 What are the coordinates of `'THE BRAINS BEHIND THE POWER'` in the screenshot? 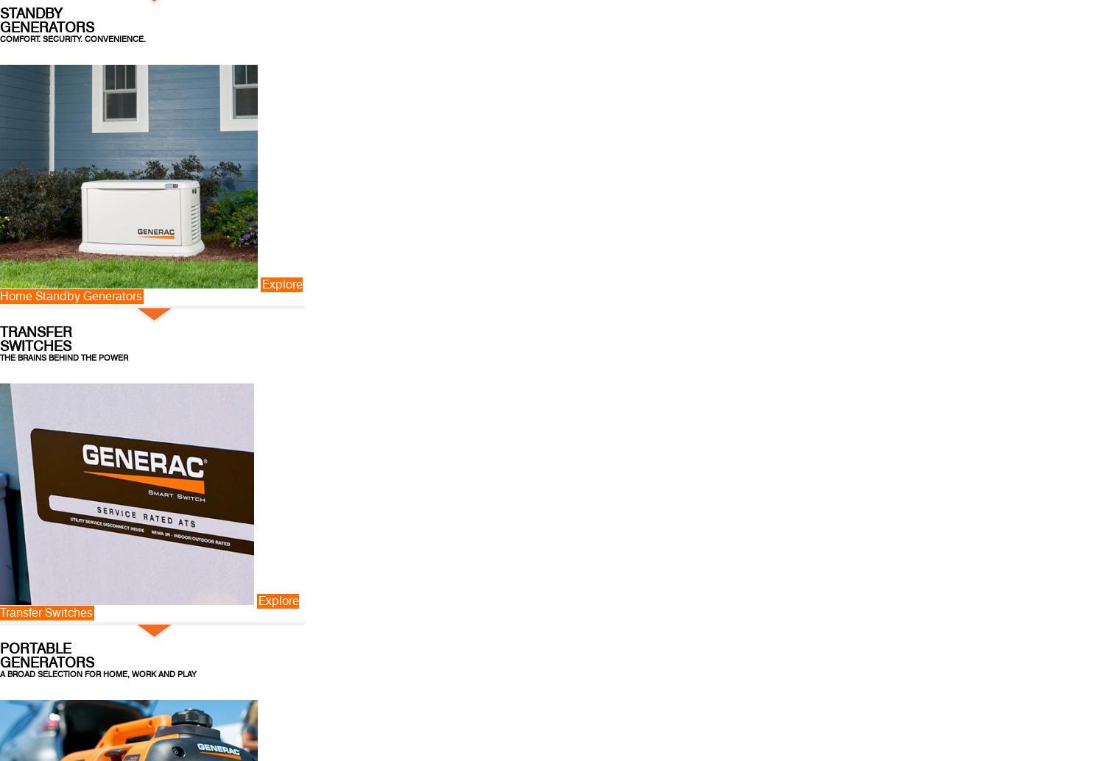 It's located at (0, 356).